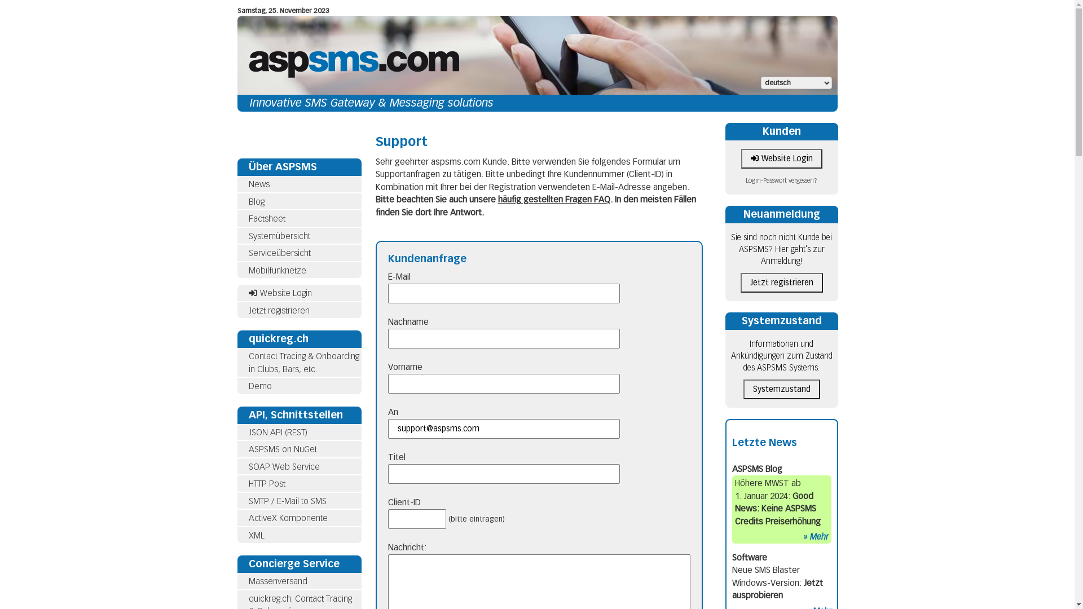 The image size is (1083, 609). What do you see at coordinates (298, 184) in the screenshot?
I see `'News'` at bounding box center [298, 184].